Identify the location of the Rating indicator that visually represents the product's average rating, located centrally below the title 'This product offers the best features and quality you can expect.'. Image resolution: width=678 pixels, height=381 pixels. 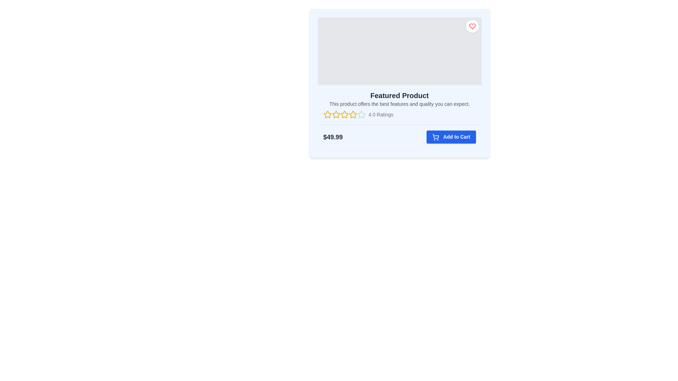
(399, 114).